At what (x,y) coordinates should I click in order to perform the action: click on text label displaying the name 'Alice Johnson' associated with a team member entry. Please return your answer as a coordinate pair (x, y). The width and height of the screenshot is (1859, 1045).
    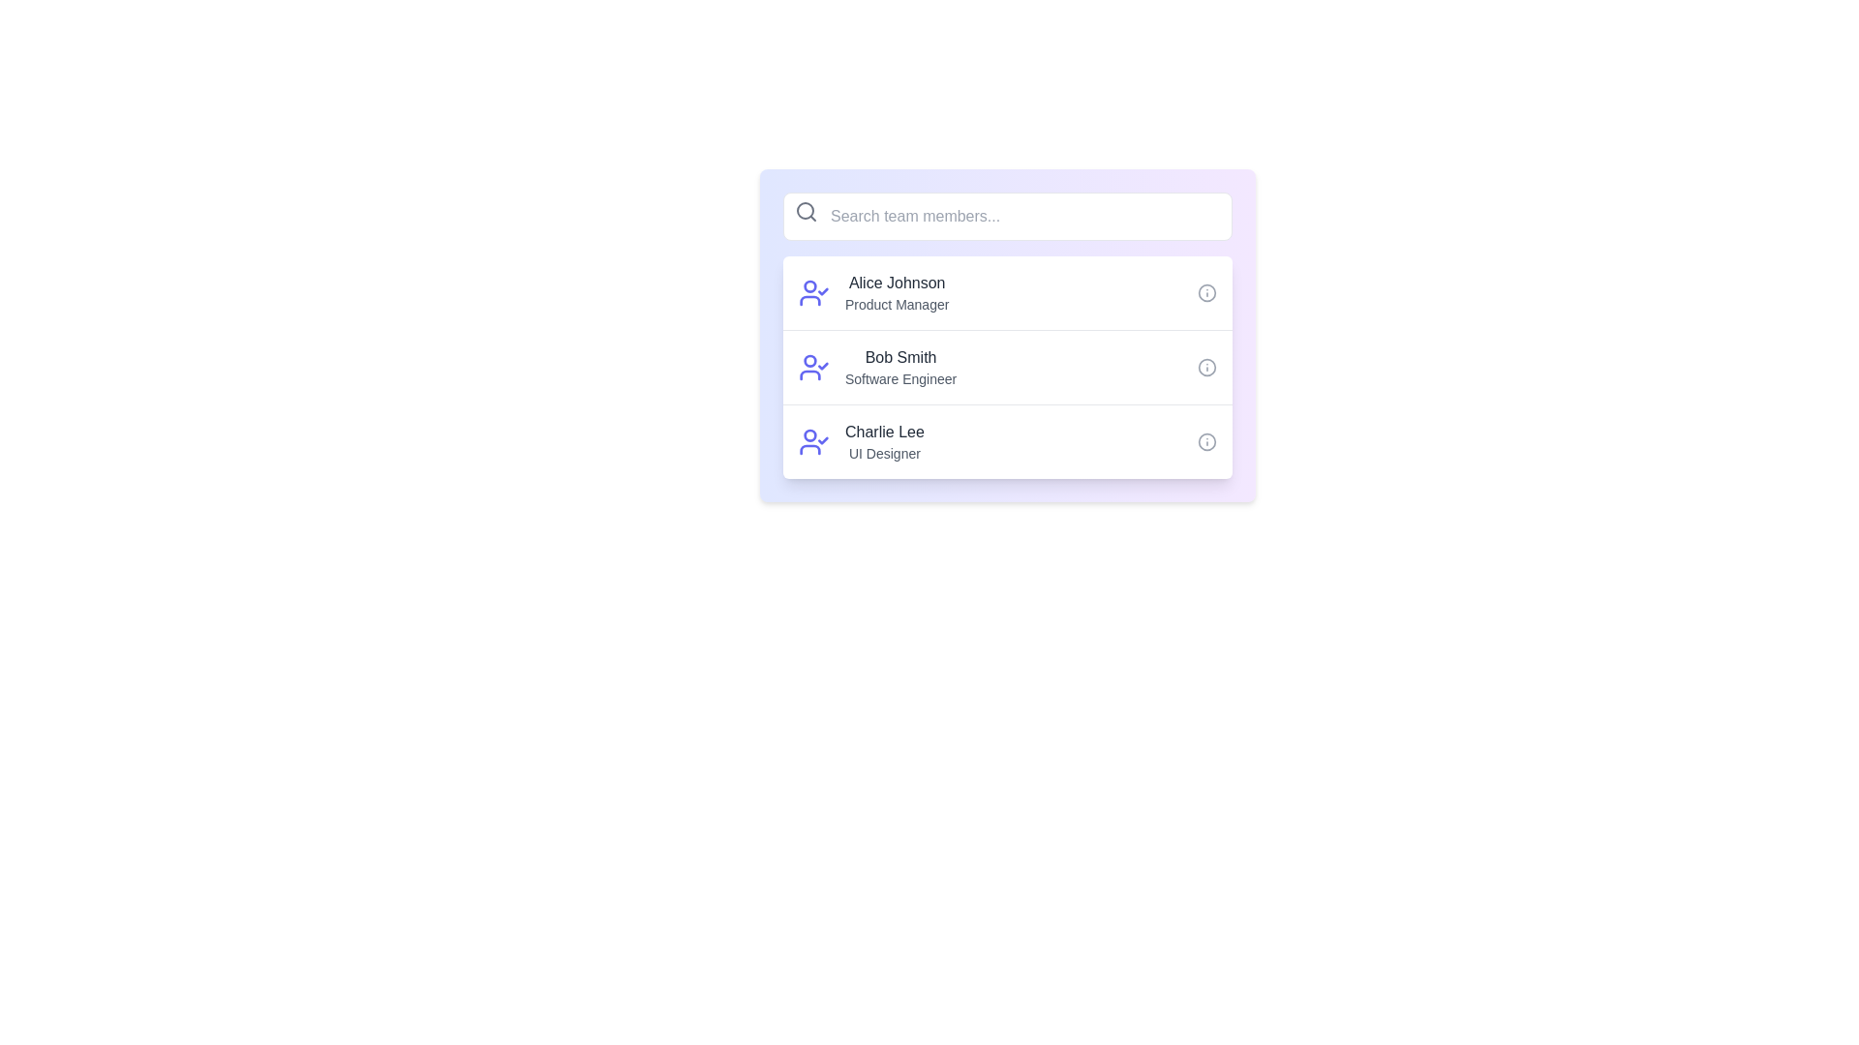
    Looking at the image, I should click on (896, 284).